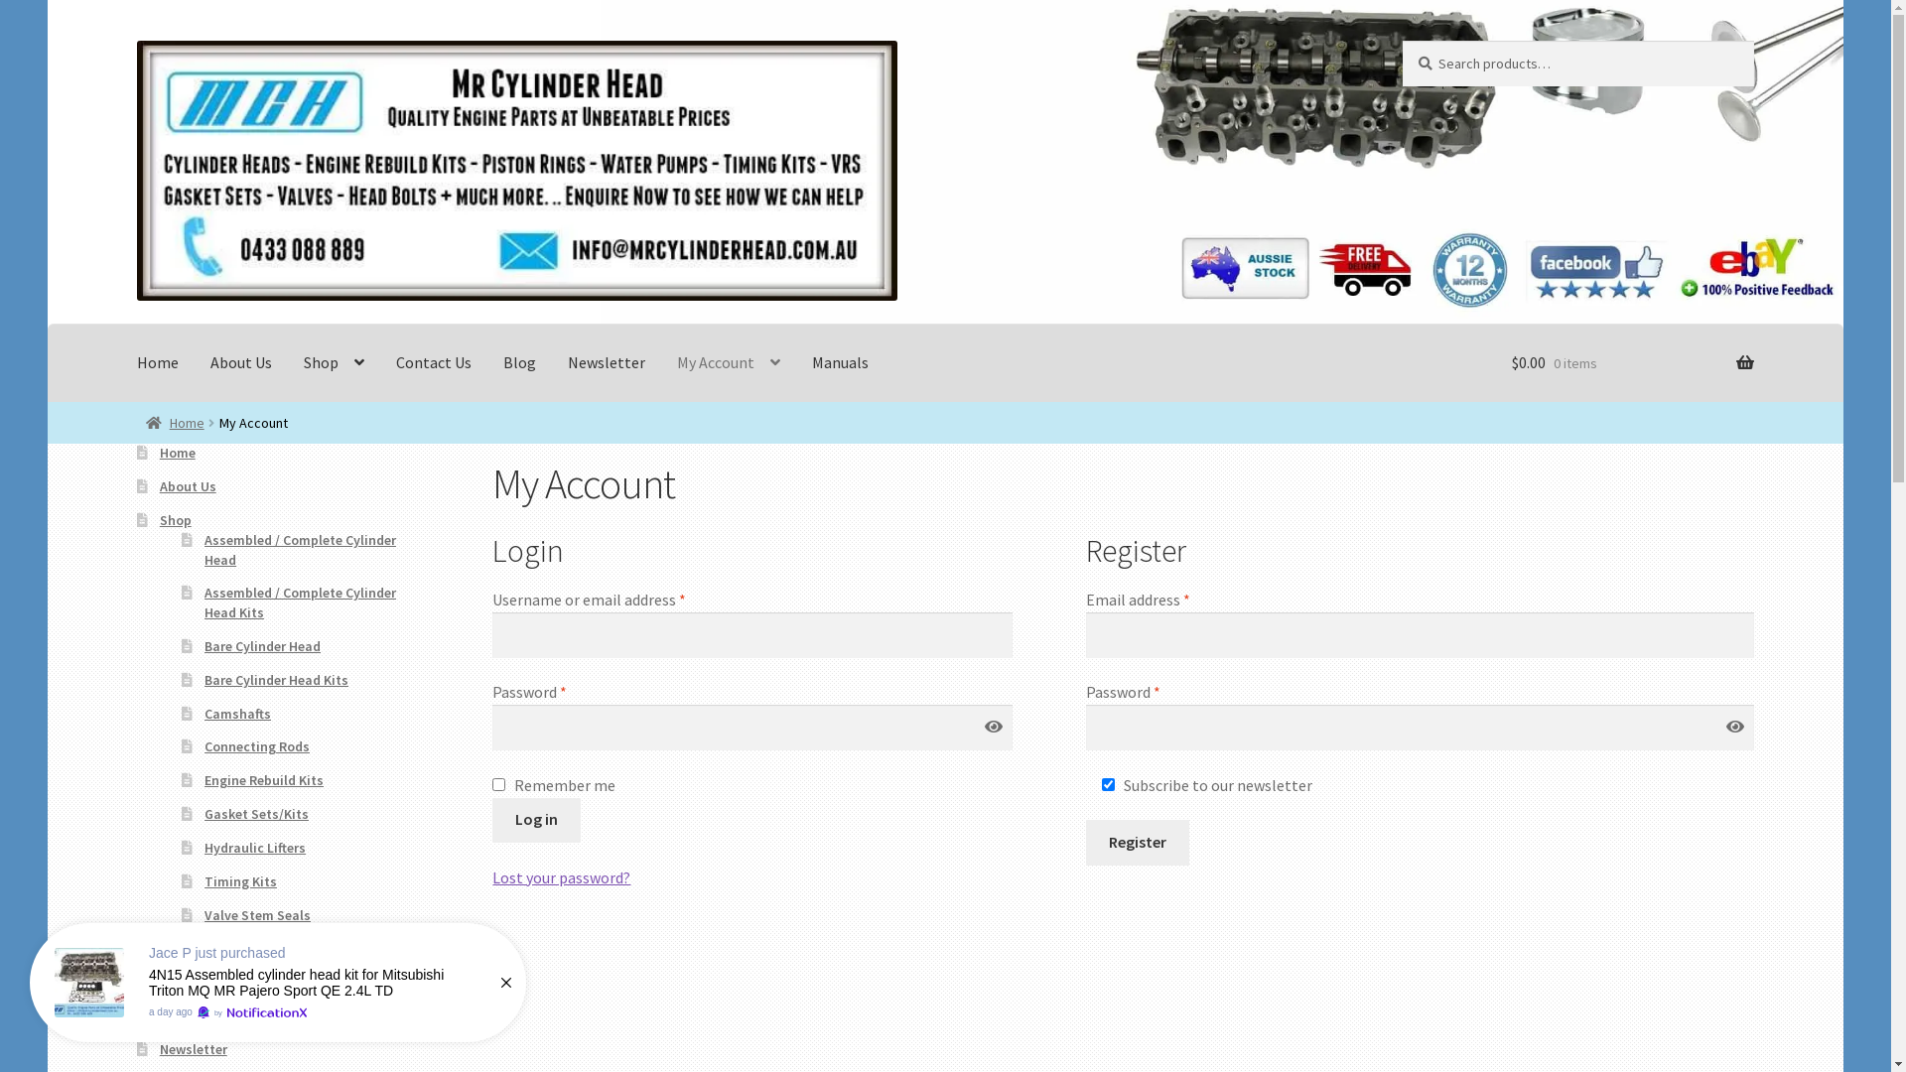 Image resolution: width=1906 pixels, height=1072 pixels. What do you see at coordinates (244, 947) in the screenshot?
I see `'Water Pumps'` at bounding box center [244, 947].